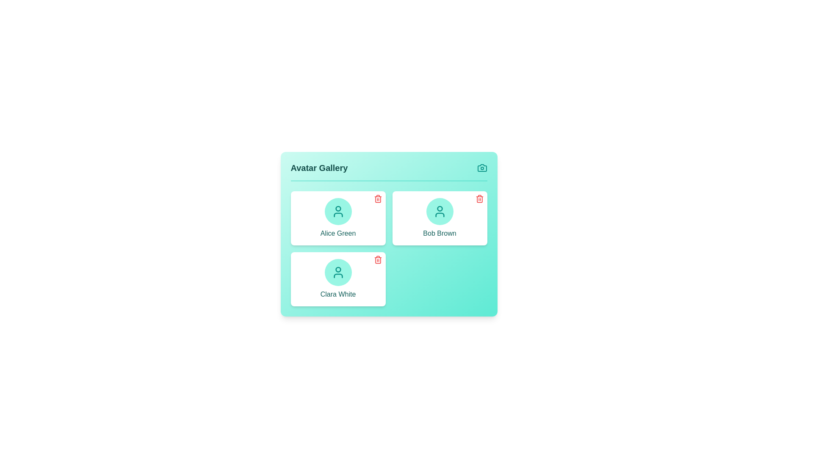 Image resolution: width=813 pixels, height=457 pixels. Describe the element at coordinates (377, 199) in the screenshot. I see `the red trash bin icon located at the upper right corner of the card labeled 'Alice Green' to change its appearance` at that location.